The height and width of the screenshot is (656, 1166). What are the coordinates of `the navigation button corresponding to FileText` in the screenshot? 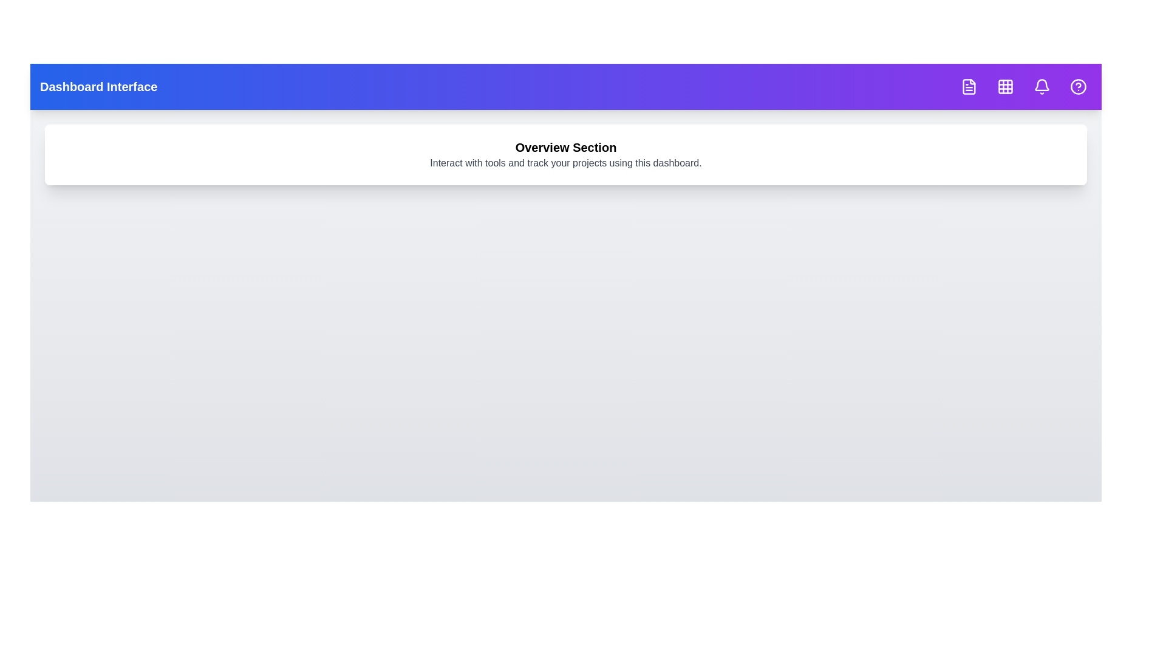 It's located at (969, 86).